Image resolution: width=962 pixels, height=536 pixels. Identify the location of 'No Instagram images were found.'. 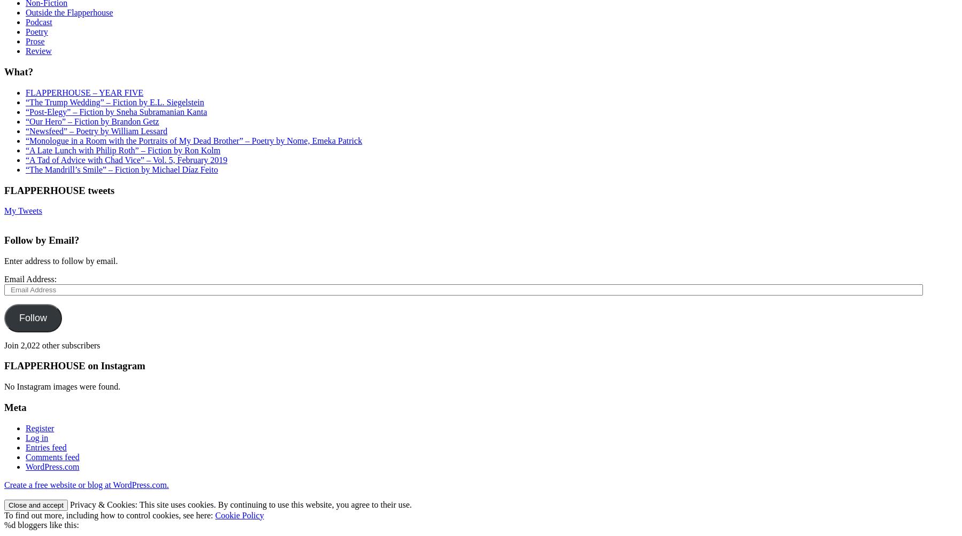
(62, 386).